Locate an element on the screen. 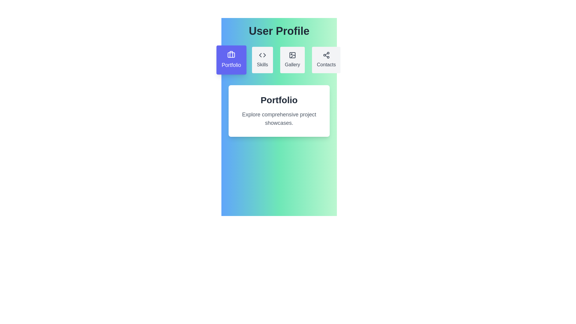 This screenshot has height=324, width=576. the tab labeled Skills to see its hover effect is located at coordinates (262, 60).